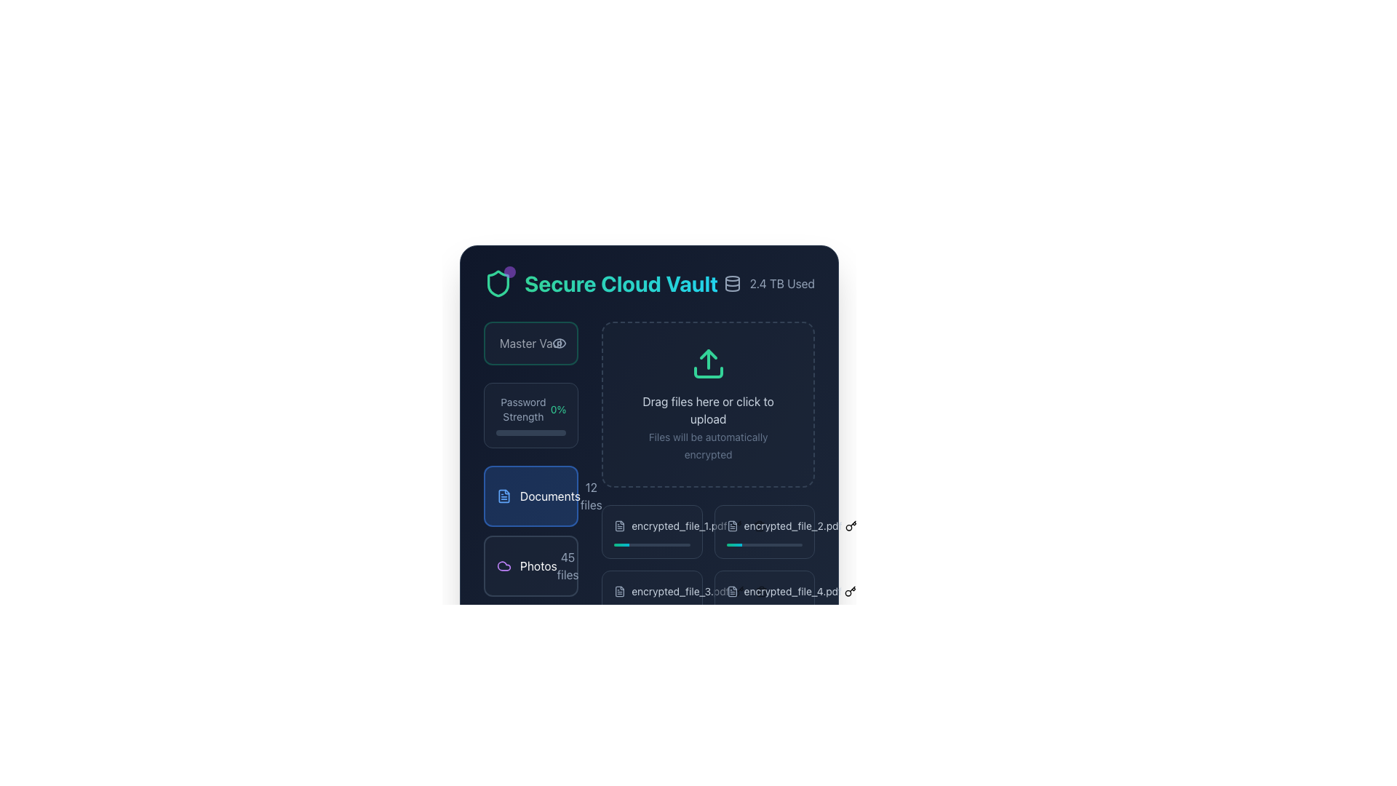 This screenshot has width=1397, height=786. Describe the element at coordinates (530, 410) in the screenshot. I see `the Textual Indicator that displays 'Password Strength' and '0%' to indicate password strength, located above the progress bar and below the 'Master Vault' button` at that location.